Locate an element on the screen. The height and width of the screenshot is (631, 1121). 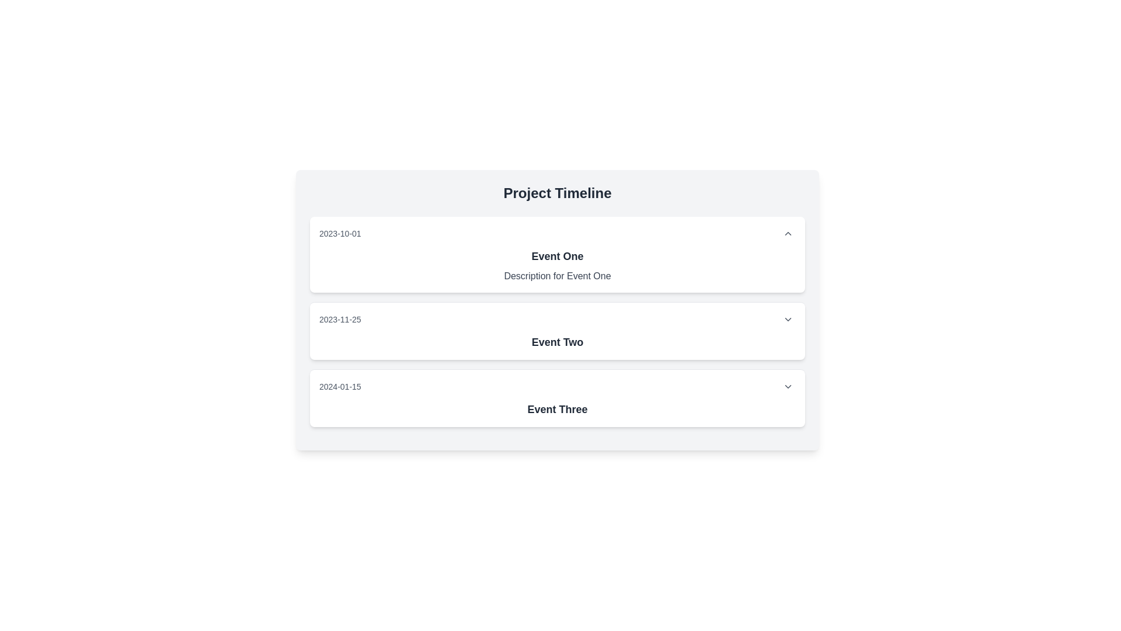
the second list item in the timeline component that provides details of a specific event, situated between 'Event One' and 'Event Three', to interact with the event if links are present is located at coordinates (557, 310).